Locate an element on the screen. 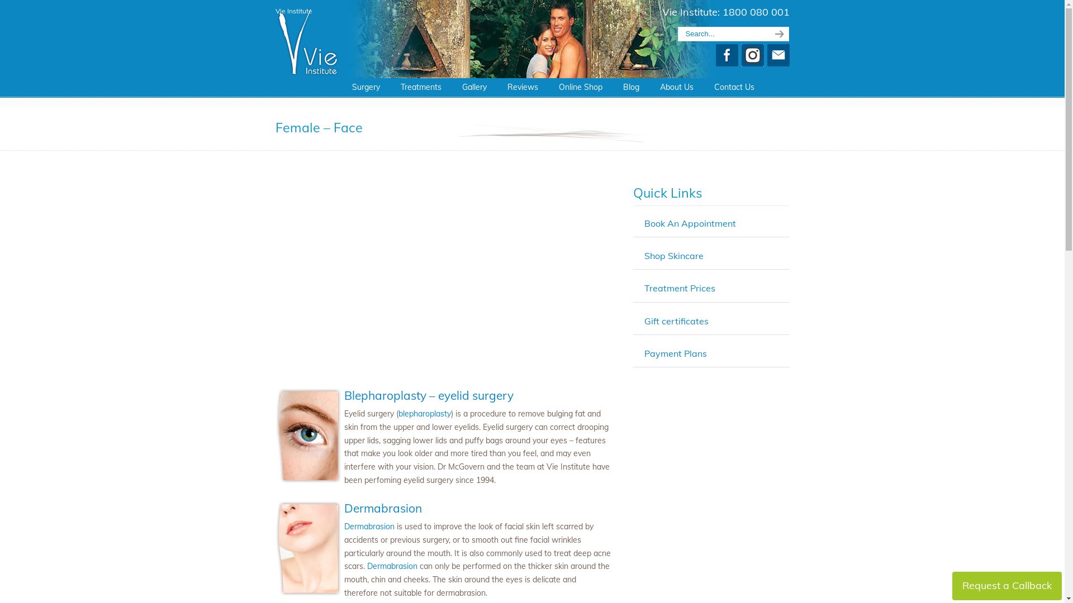  'Blog' is located at coordinates (630, 86).